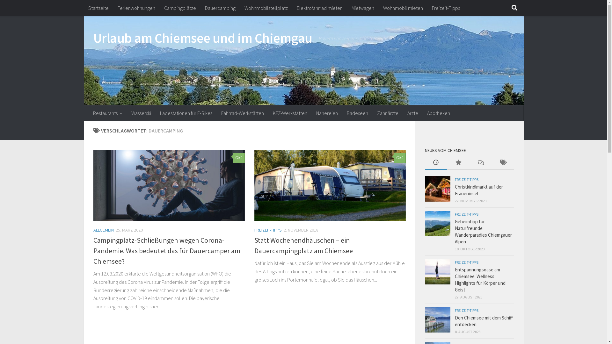 Image resolution: width=612 pixels, height=344 pixels. Describe the element at coordinates (466, 262) in the screenshot. I see `'FREIZEIT-TIPPS'` at that location.